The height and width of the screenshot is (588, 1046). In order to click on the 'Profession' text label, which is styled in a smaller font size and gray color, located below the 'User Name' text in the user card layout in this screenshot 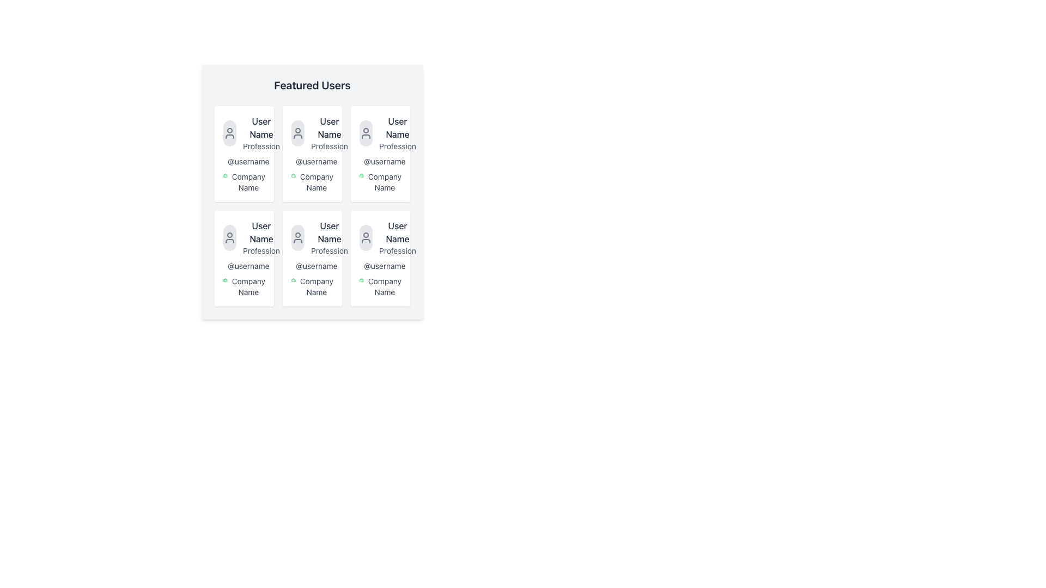, I will do `click(397, 251)`.